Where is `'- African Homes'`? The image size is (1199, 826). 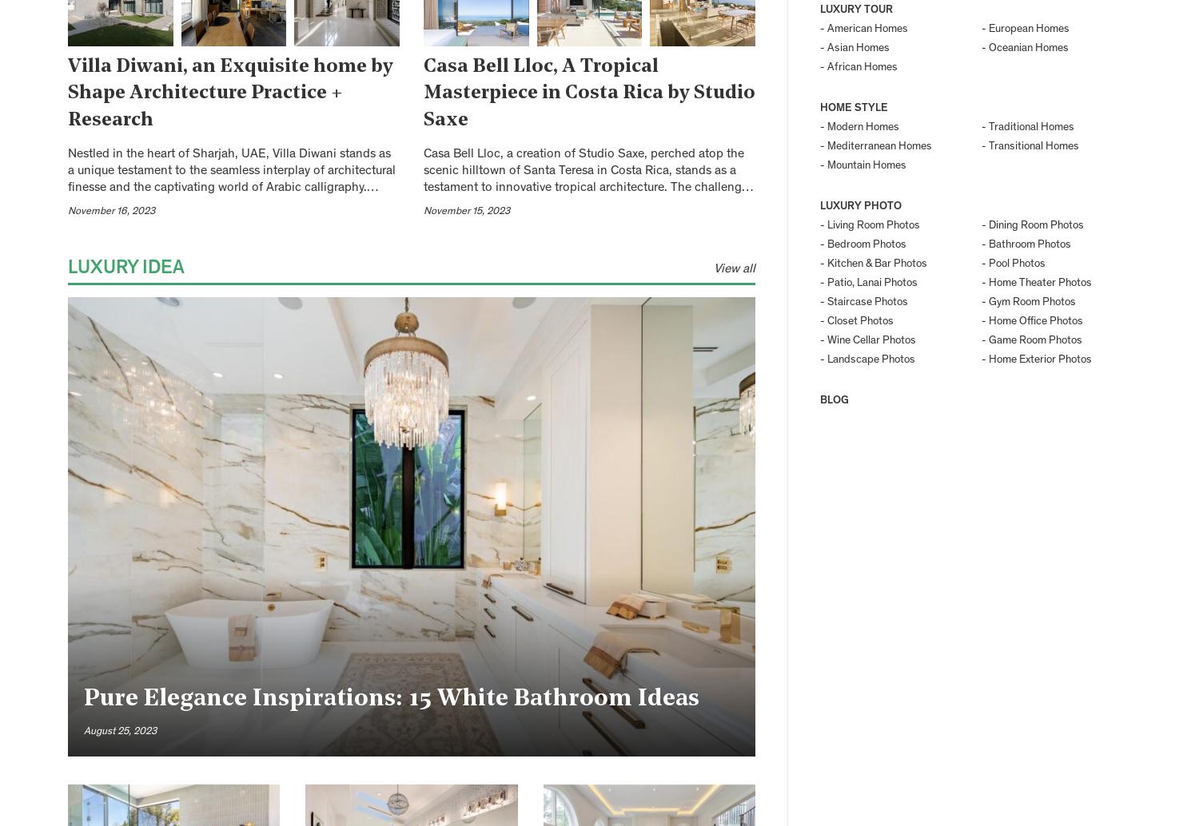 '- African Homes' is located at coordinates (820, 66).